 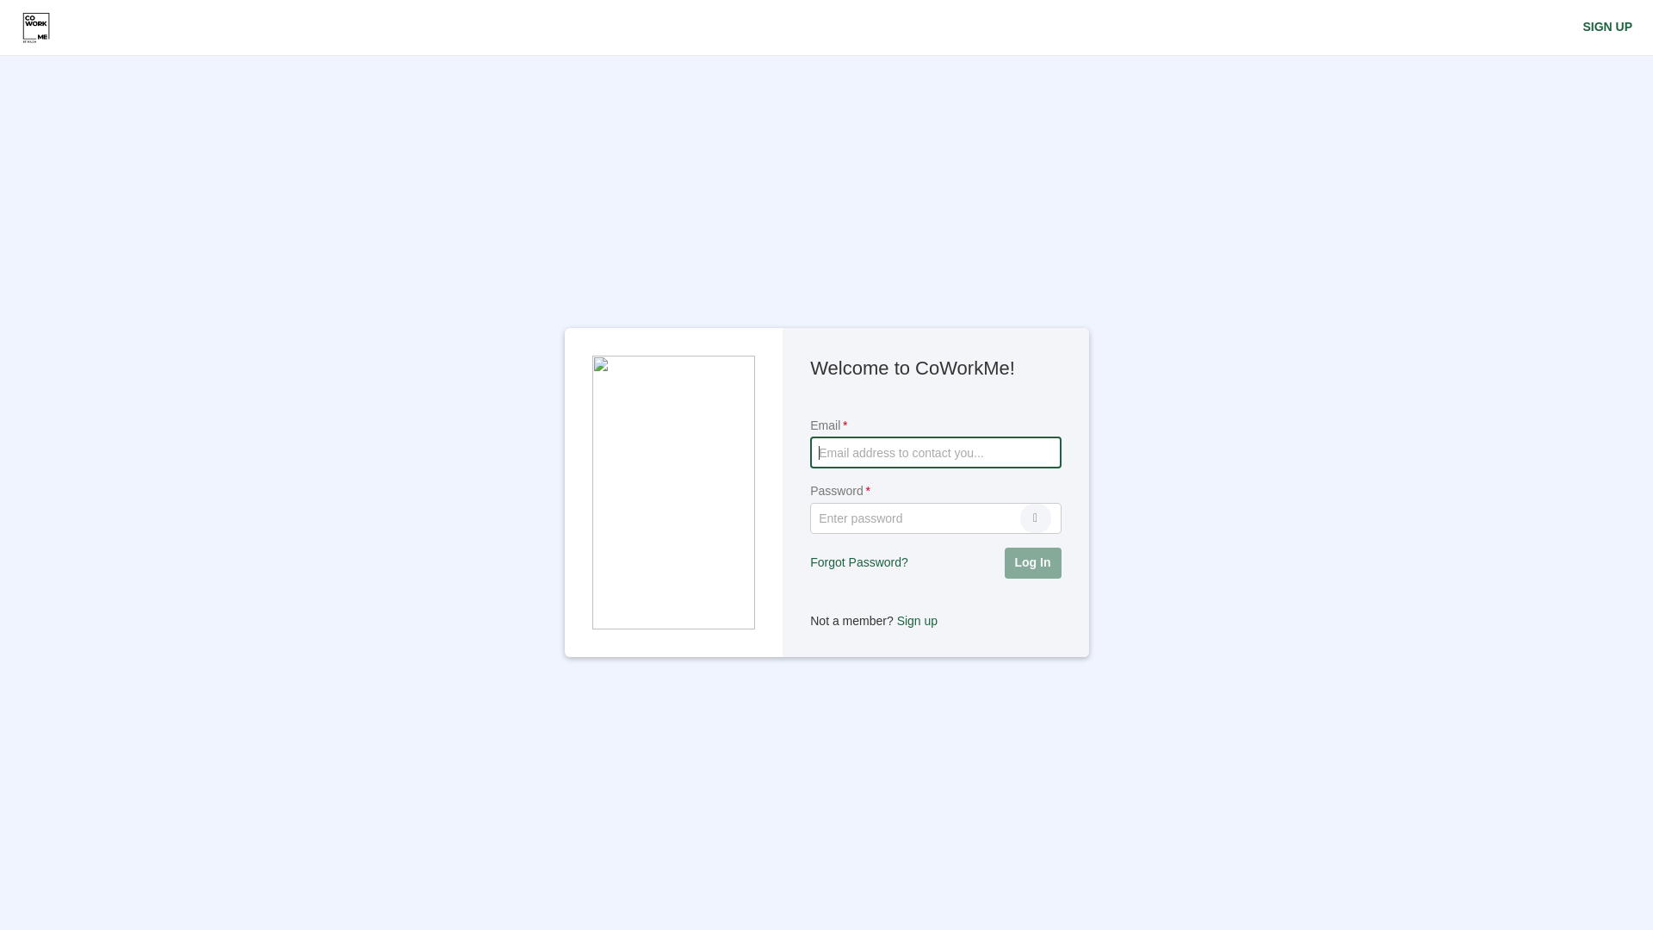 What do you see at coordinates (1607, 27) in the screenshot?
I see `'SIGN UP'` at bounding box center [1607, 27].